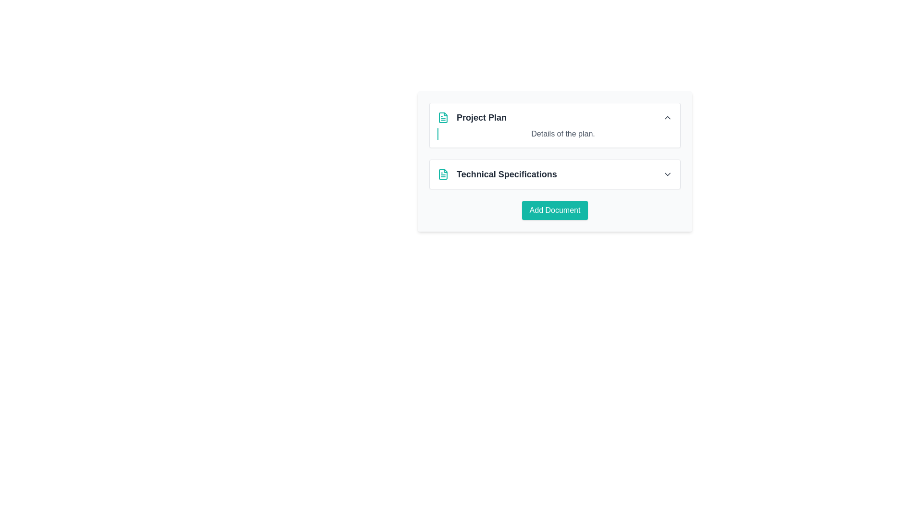  I want to click on the 'Technical Specifications' section header with dropdown, so click(555, 174).